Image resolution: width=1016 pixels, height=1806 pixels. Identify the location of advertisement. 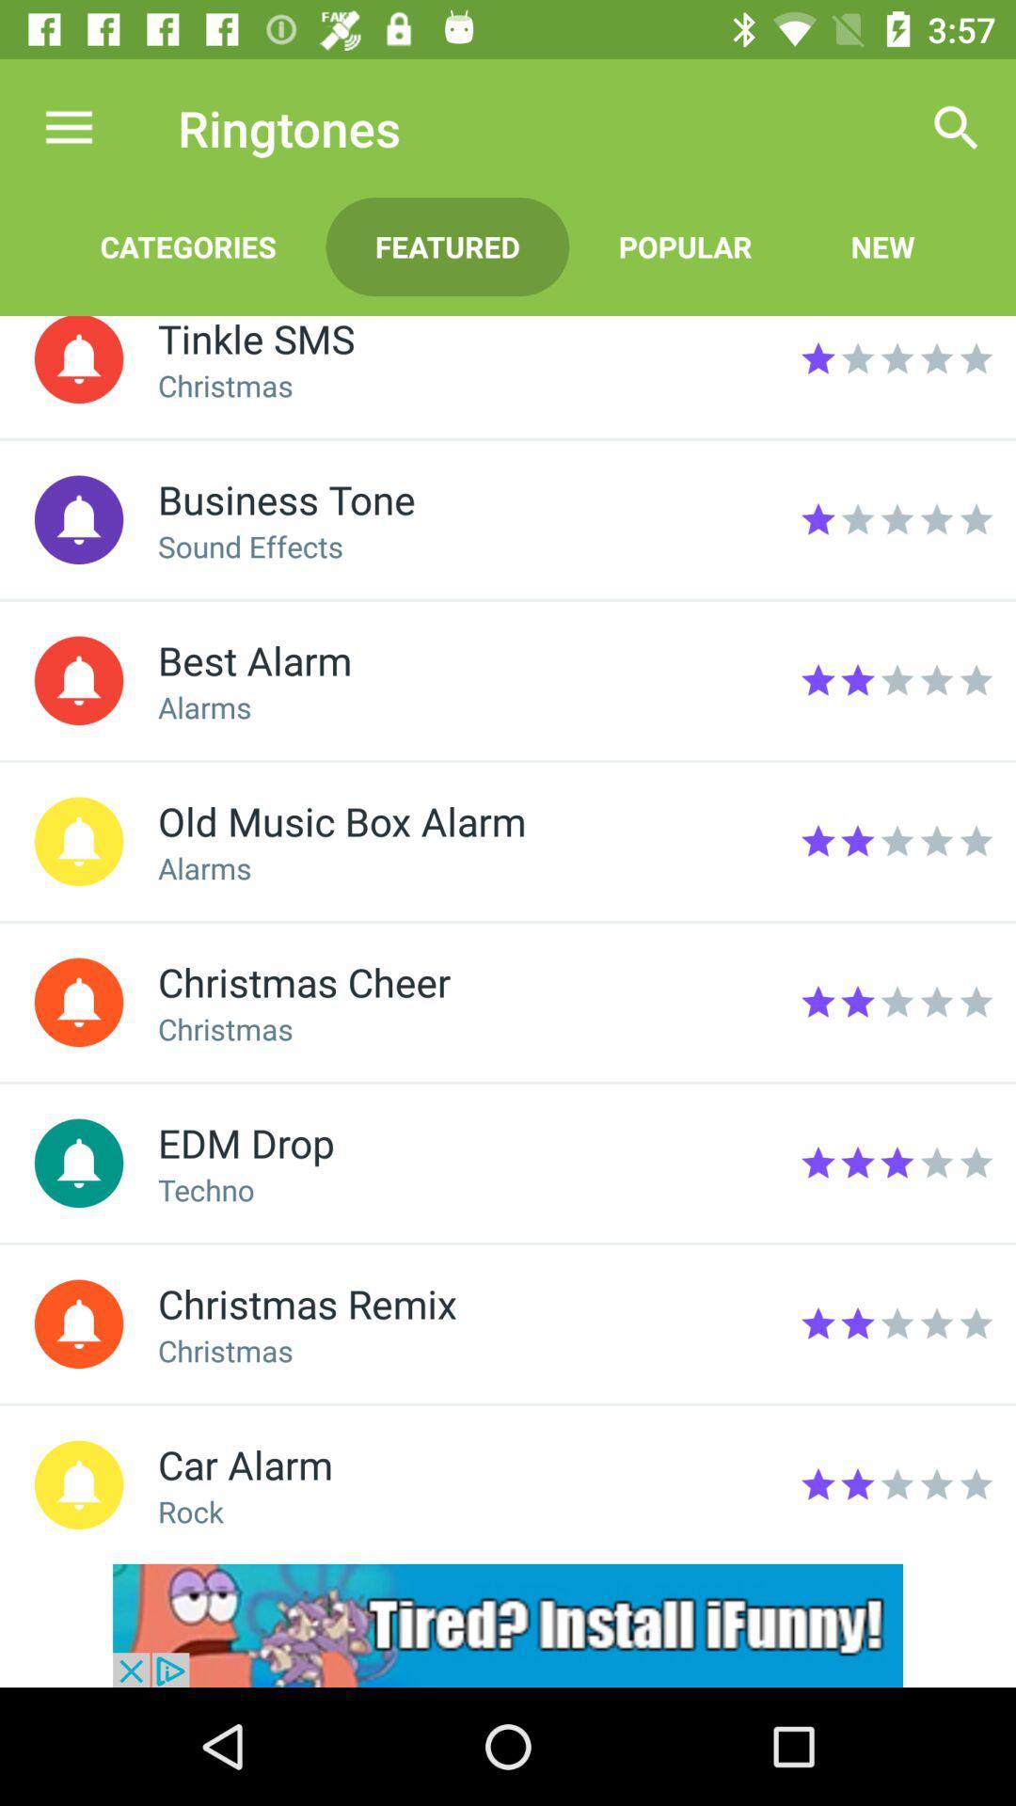
(508, 1624).